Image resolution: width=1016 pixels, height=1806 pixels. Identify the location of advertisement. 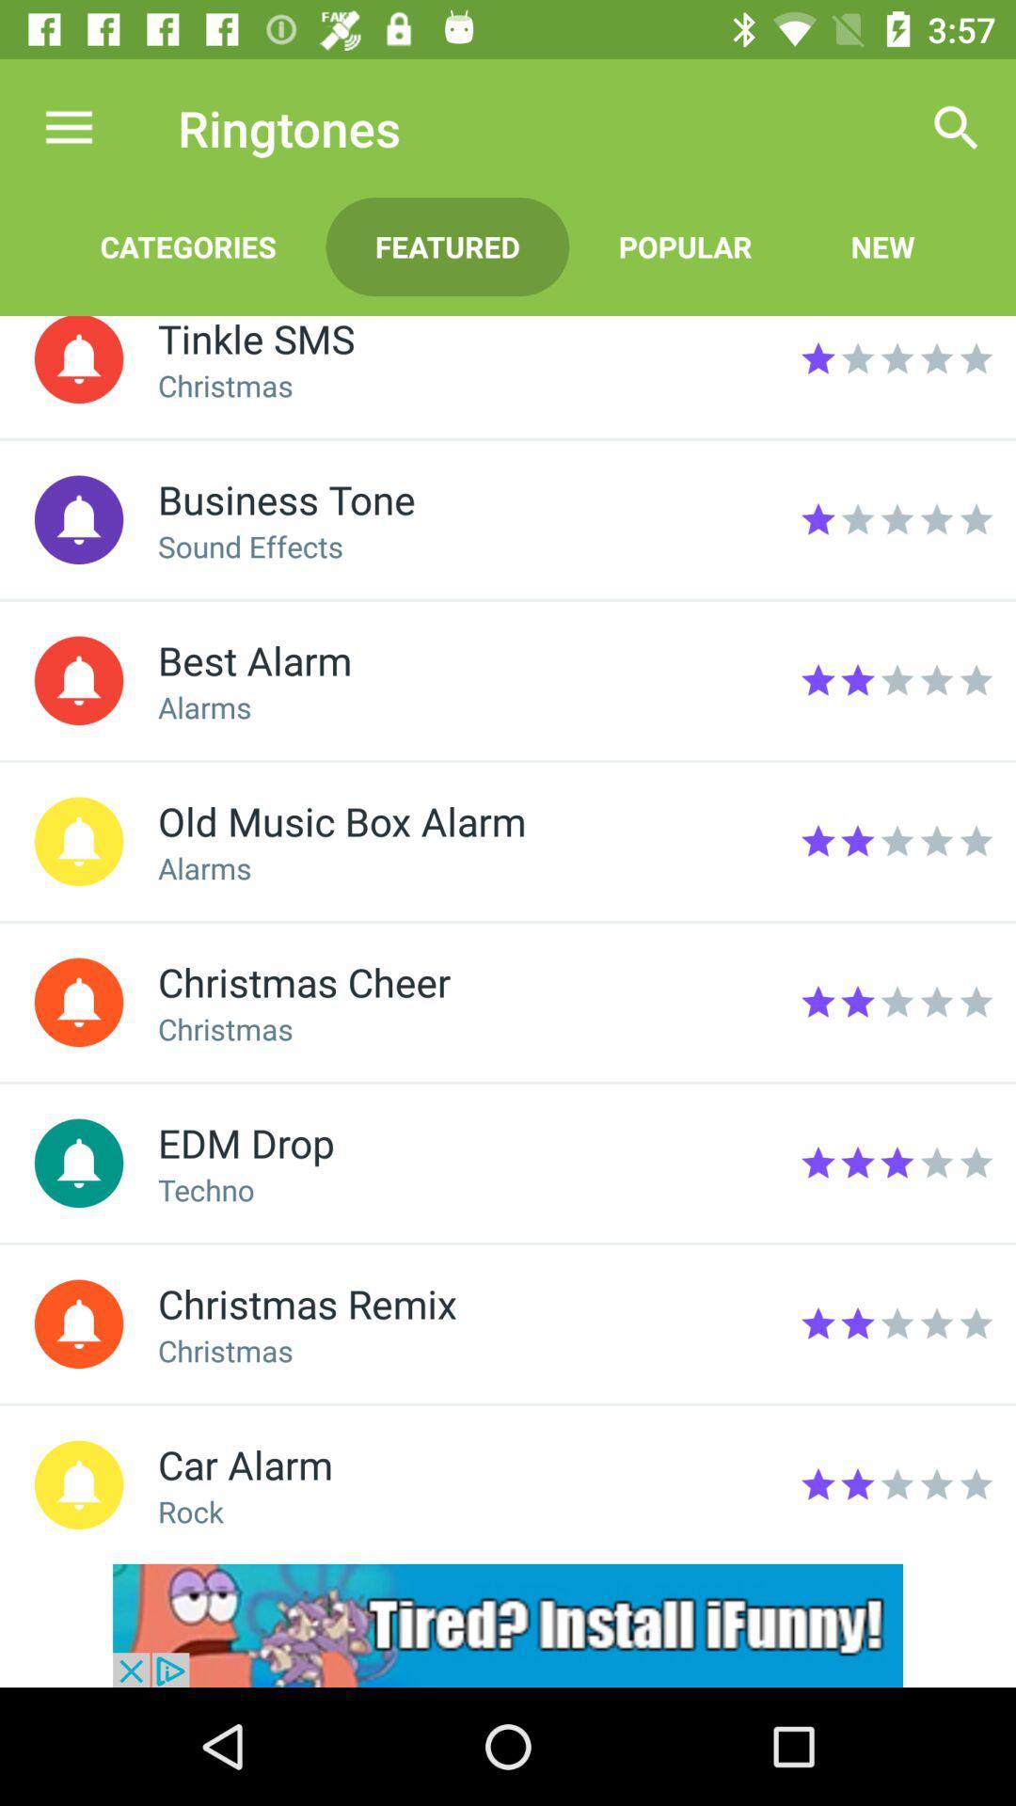
(508, 1624).